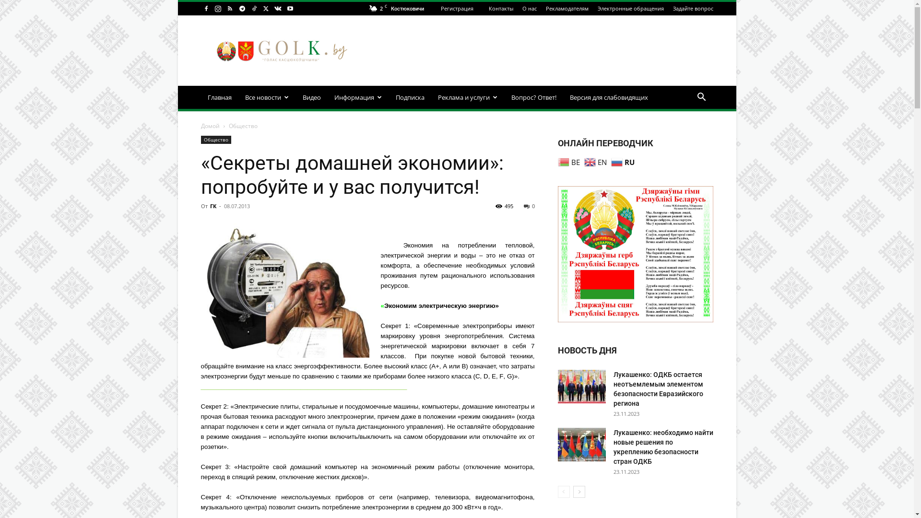 The height and width of the screenshot is (518, 921). What do you see at coordinates (277, 8) in the screenshot?
I see `'VKontakte'` at bounding box center [277, 8].